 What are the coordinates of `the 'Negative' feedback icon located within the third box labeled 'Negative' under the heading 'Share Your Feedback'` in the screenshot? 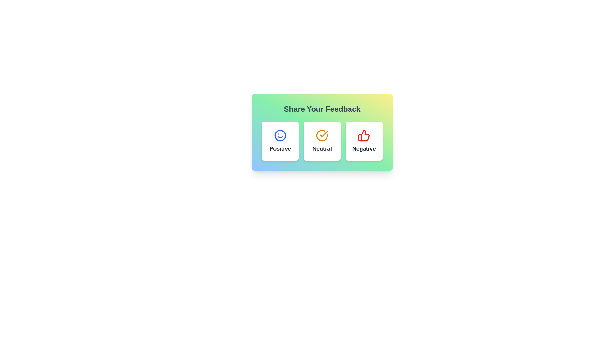 It's located at (364, 135).